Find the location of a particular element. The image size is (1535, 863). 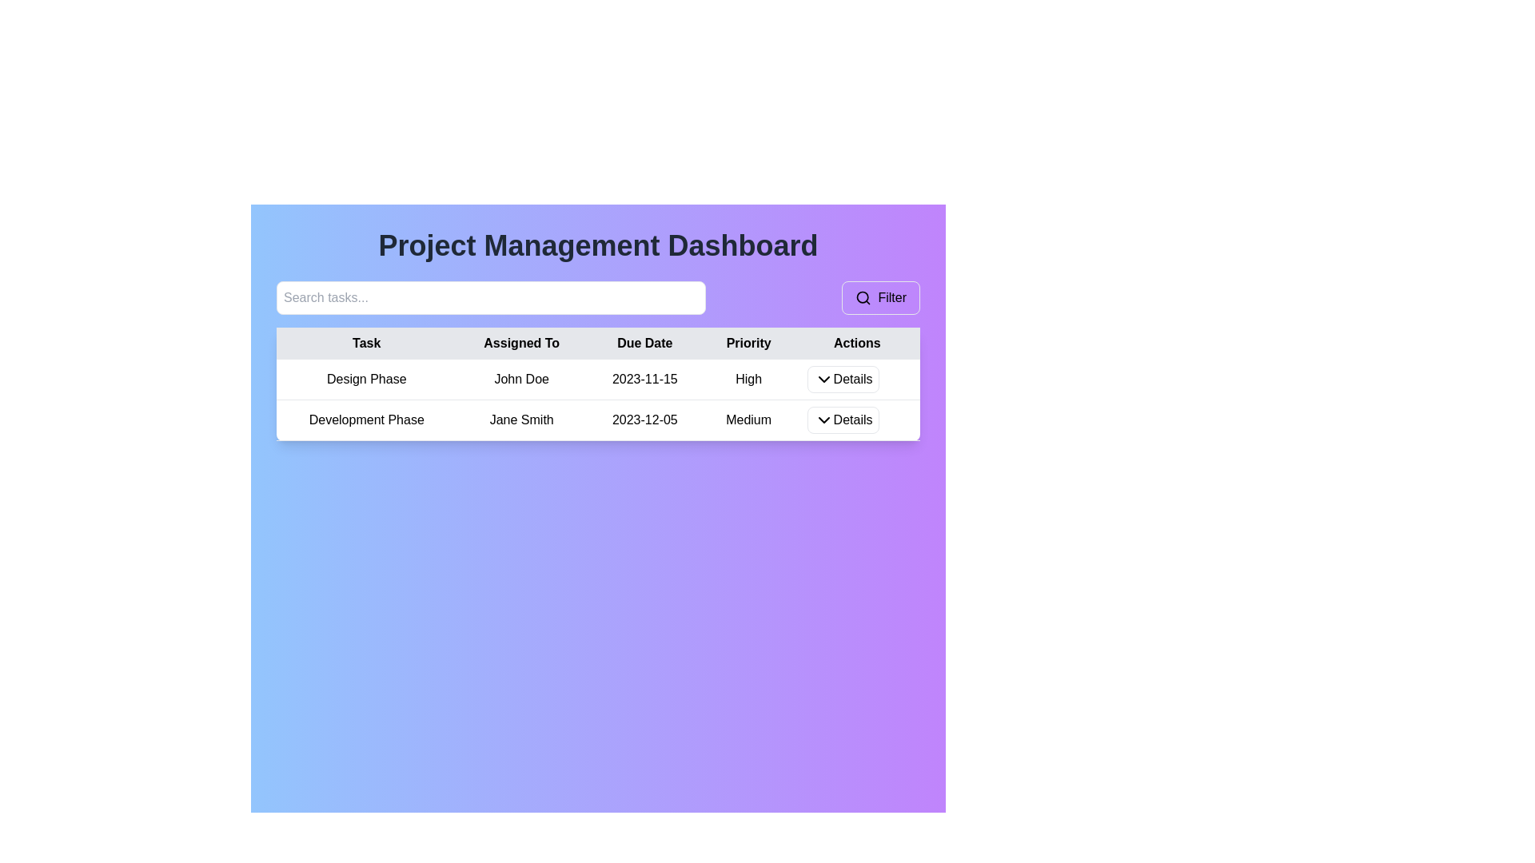

the Chevron Down icon located slightly to the left of the 'Details' text in the Actions column of the second row is located at coordinates (823, 419).